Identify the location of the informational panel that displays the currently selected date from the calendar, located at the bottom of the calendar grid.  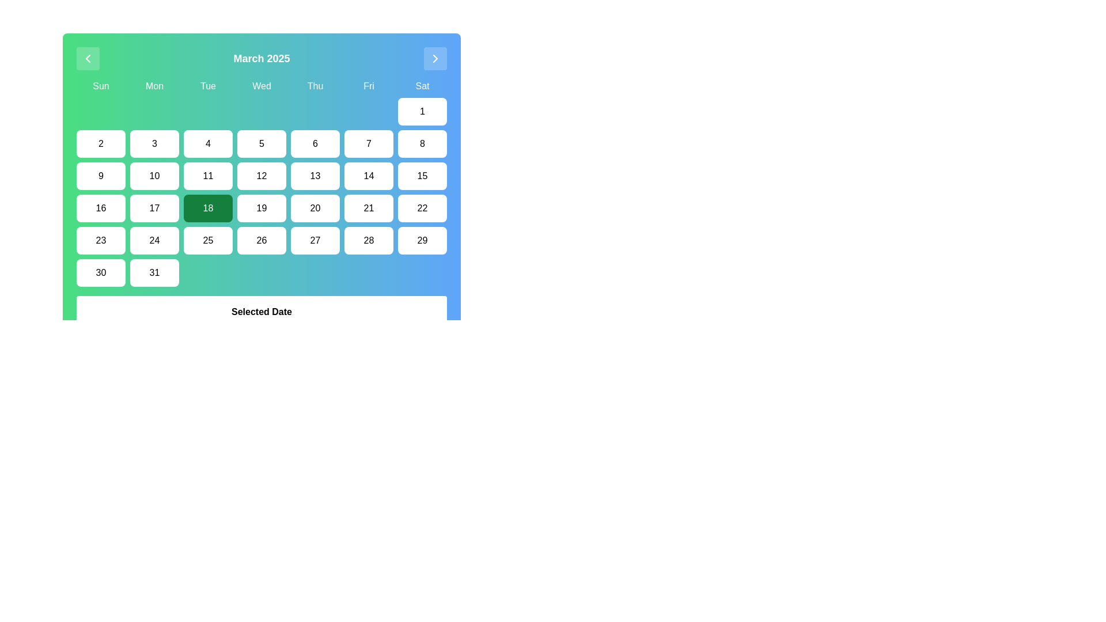
(261, 319).